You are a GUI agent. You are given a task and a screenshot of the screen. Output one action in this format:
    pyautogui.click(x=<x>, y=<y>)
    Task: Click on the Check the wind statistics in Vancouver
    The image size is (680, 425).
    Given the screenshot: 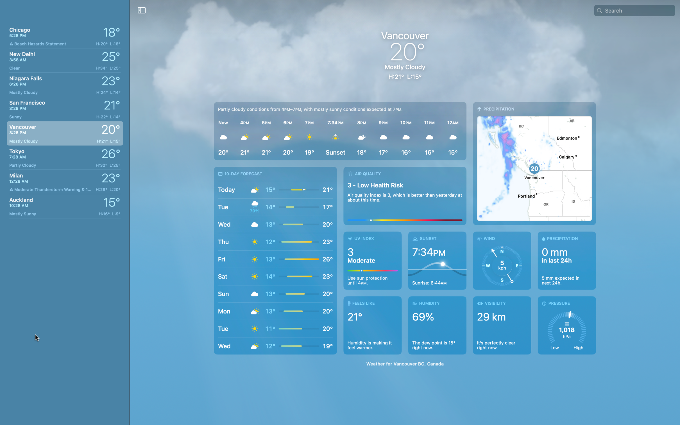 What is the action you would take?
    pyautogui.click(x=502, y=260)
    